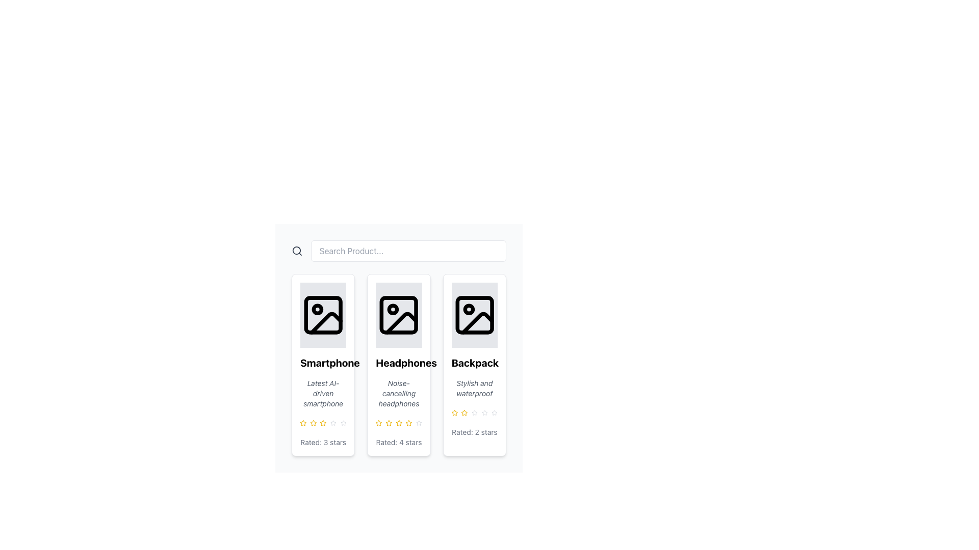 The image size is (979, 550). I want to click on the first star in the 5-star rating system located at the bottom of the third card labeled 'Backpack', so click(464, 413).